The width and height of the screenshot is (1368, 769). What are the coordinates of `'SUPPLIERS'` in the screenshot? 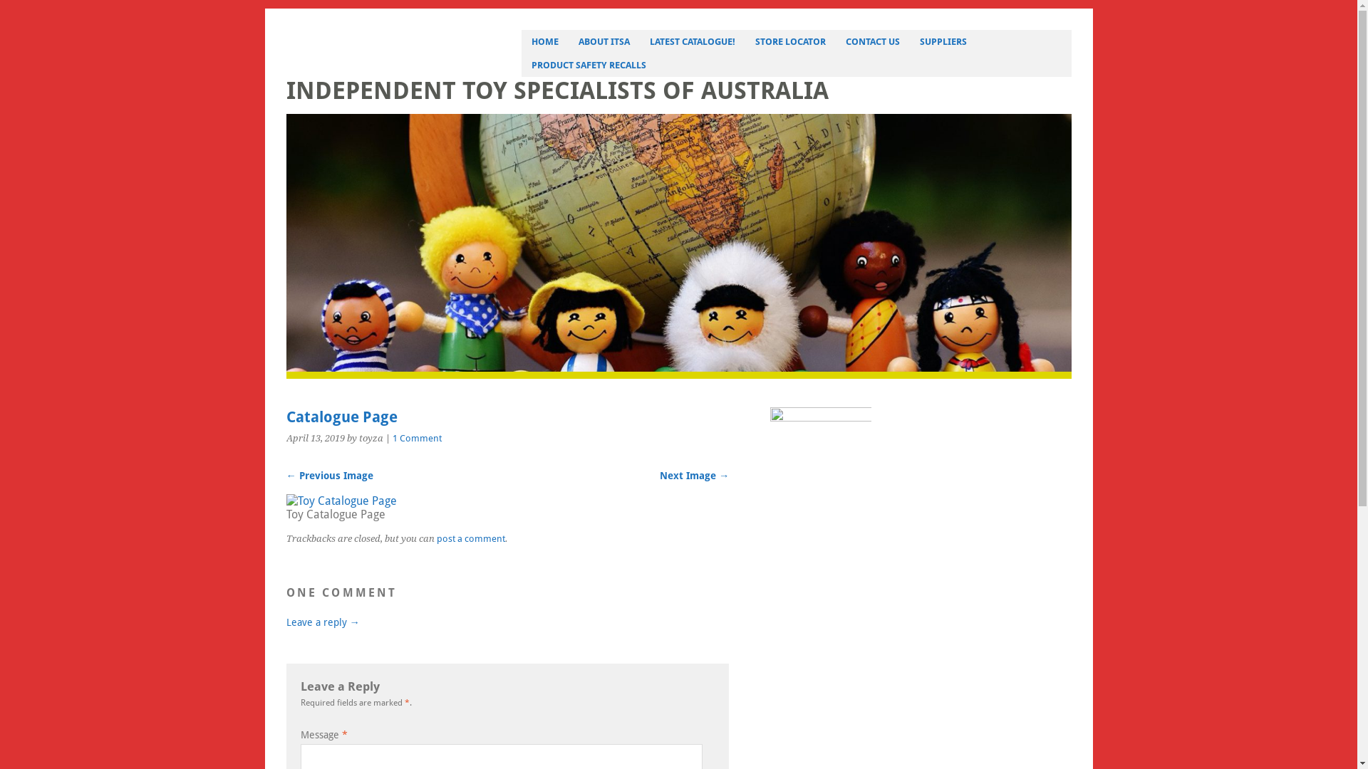 It's located at (943, 41).